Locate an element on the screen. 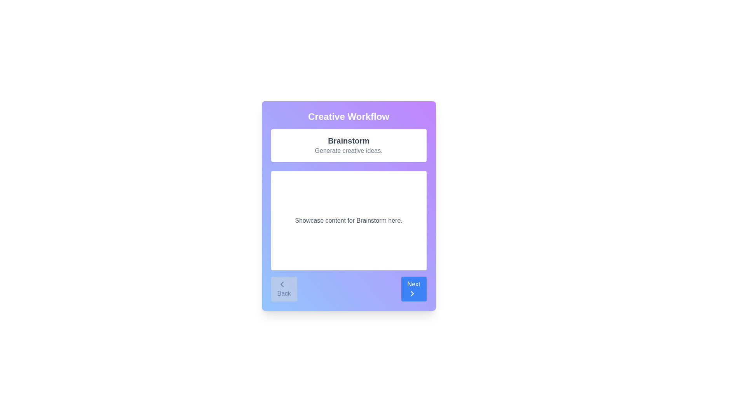  the 'Next' button to navigate to the next step is located at coordinates (413, 289).